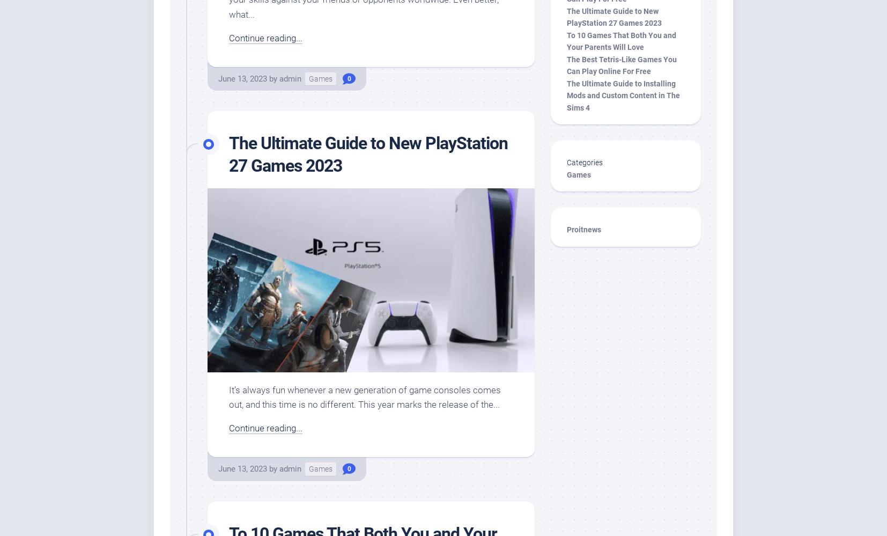 This screenshot has height=536, width=887. Describe the element at coordinates (365, 396) in the screenshot. I see `'It’s always fun whenever a new generation of game consoles comes out, and this time is no different. This year marks the release of the...'` at that location.